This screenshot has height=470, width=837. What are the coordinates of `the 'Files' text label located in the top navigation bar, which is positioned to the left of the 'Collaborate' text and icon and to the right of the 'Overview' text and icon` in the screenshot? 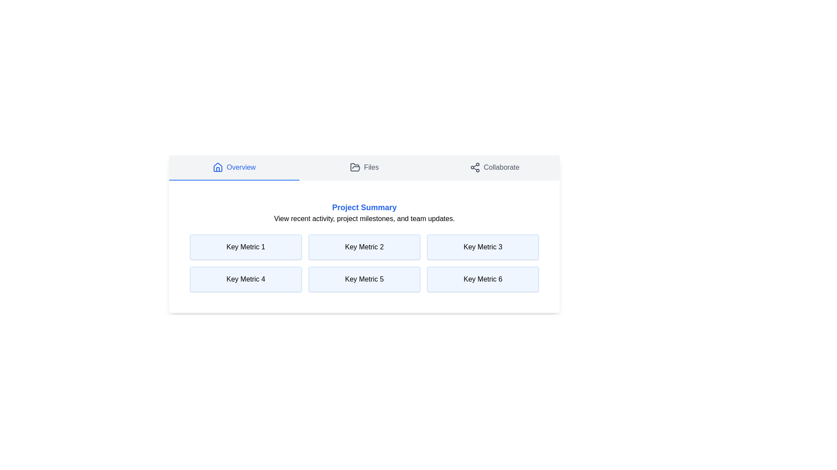 It's located at (371, 168).